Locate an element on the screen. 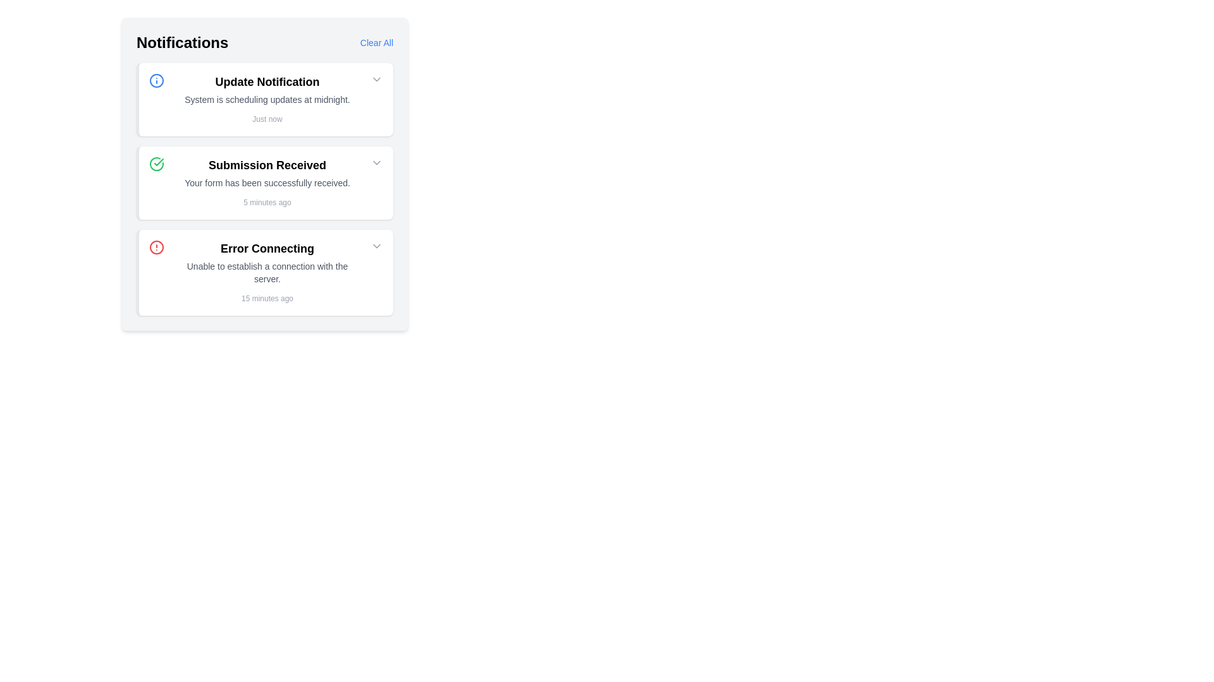  the dismiss button located in the top-right corner of the 'Error Connecting' notification card is located at coordinates (376, 246).